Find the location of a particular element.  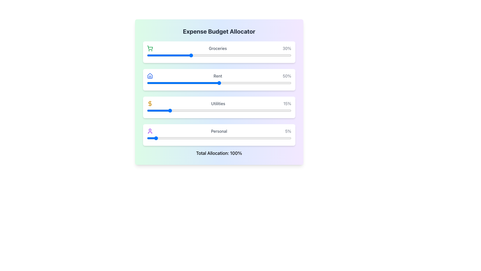

the text label that displays 'Utilities' in the Expense Budget Allocator interface, which is styled with a medium font weight and gray color, located in the third row of the layout is located at coordinates (218, 103).